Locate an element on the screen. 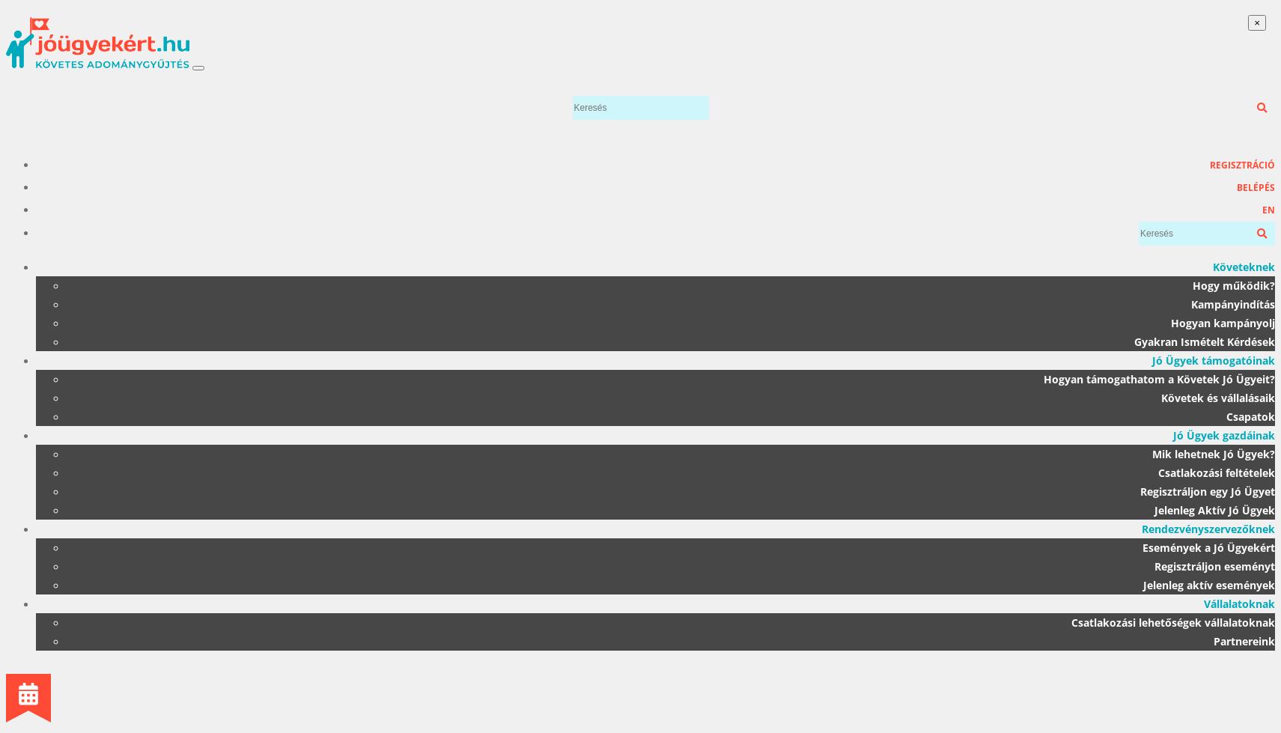 This screenshot has width=1281, height=733. 'Regisztráció' is located at coordinates (1210, 165).